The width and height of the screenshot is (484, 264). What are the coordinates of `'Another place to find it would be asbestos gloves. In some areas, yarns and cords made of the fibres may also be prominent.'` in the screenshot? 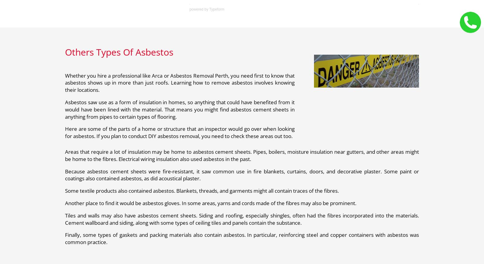 It's located at (211, 203).